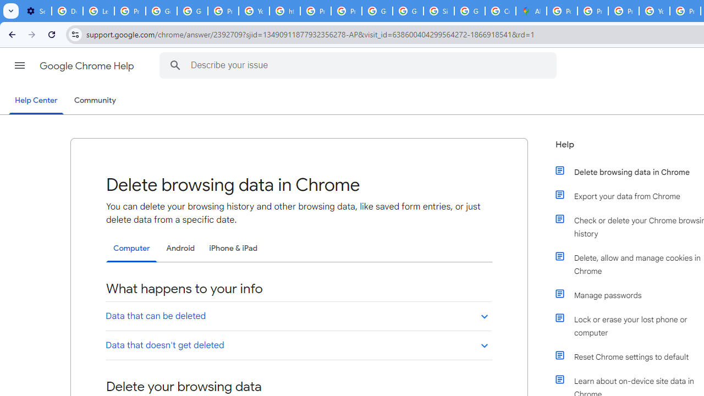 This screenshot has height=396, width=704. What do you see at coordinates (174, 65) in the screenshot?
I see `'Search Help Center'` at bounding box center [174, 65].